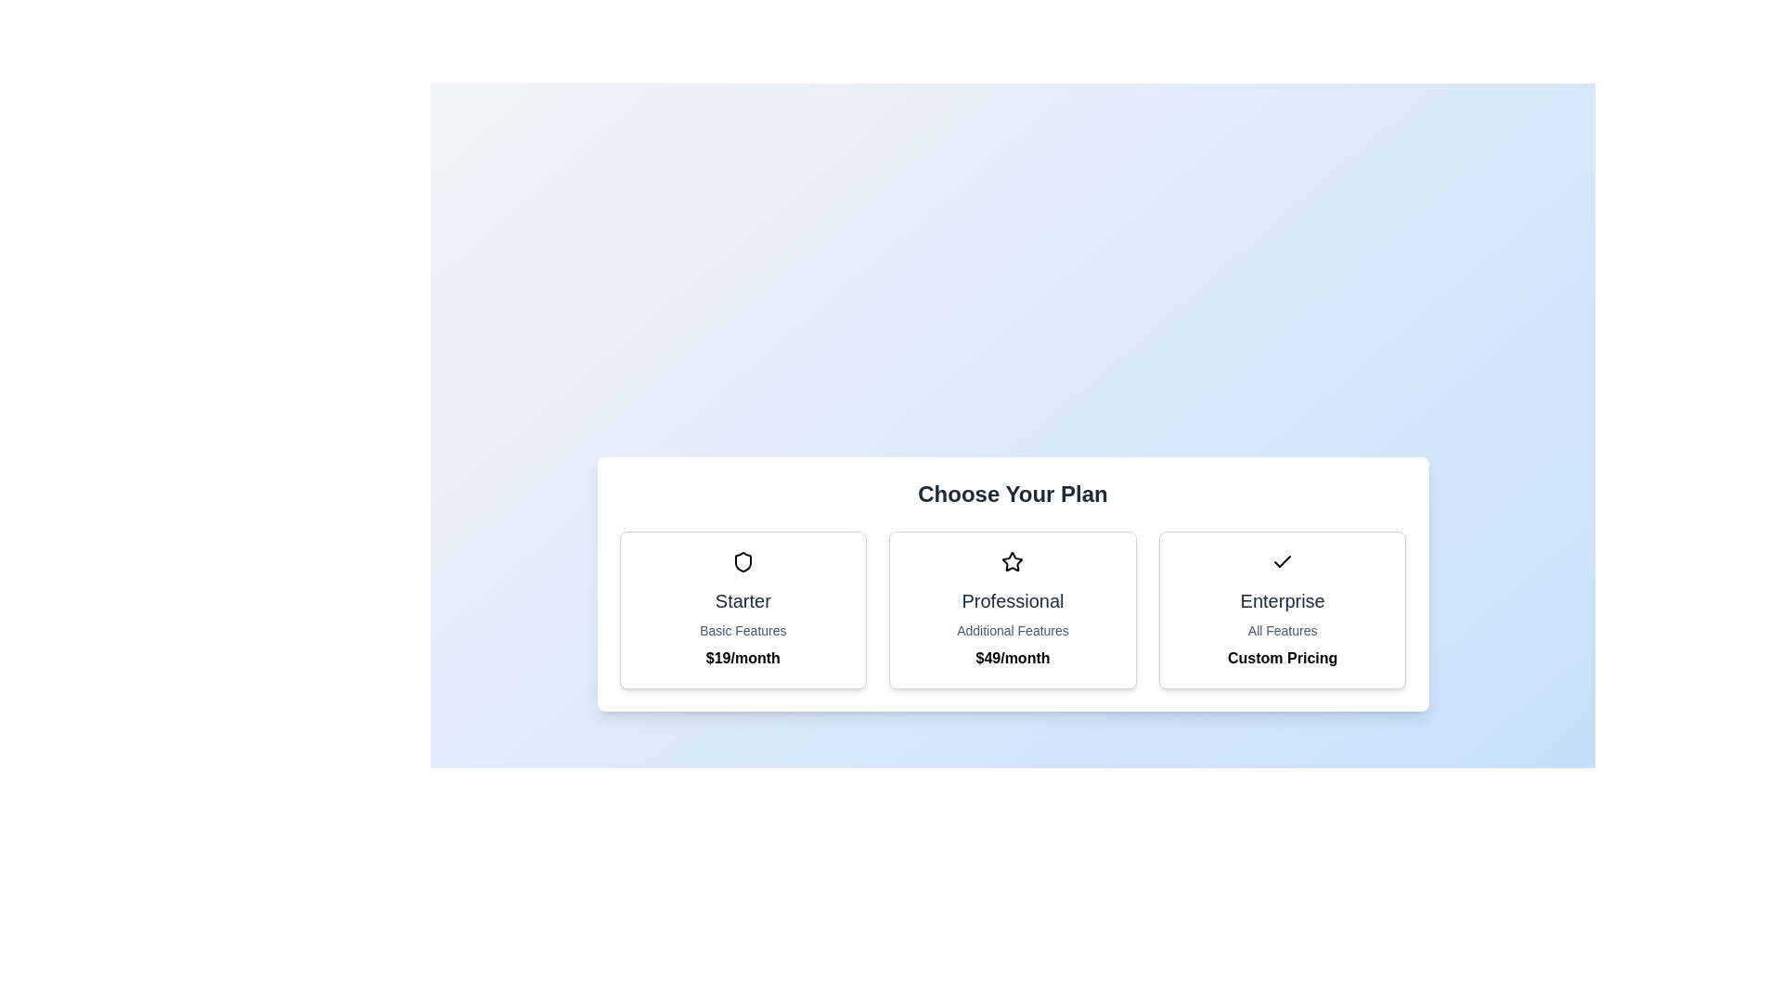  Describe the element at coordinates (742, 657) in the screenshot. I see `pricing information displayed on the text label at the bottom of the leftmost 'Starter' pricing card in the 'Choose Your Plan' section` at that location.